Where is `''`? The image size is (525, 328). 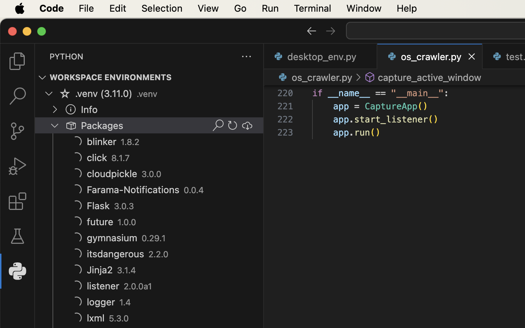
'' is located at coordinates (17, 61).